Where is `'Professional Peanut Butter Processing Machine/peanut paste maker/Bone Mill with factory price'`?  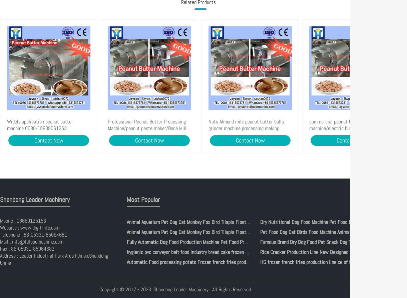
'Professional Peanut Butter Processing Machine/peanut paste maker/Bone Mill with factory price' is located at coordinates (147, 128).